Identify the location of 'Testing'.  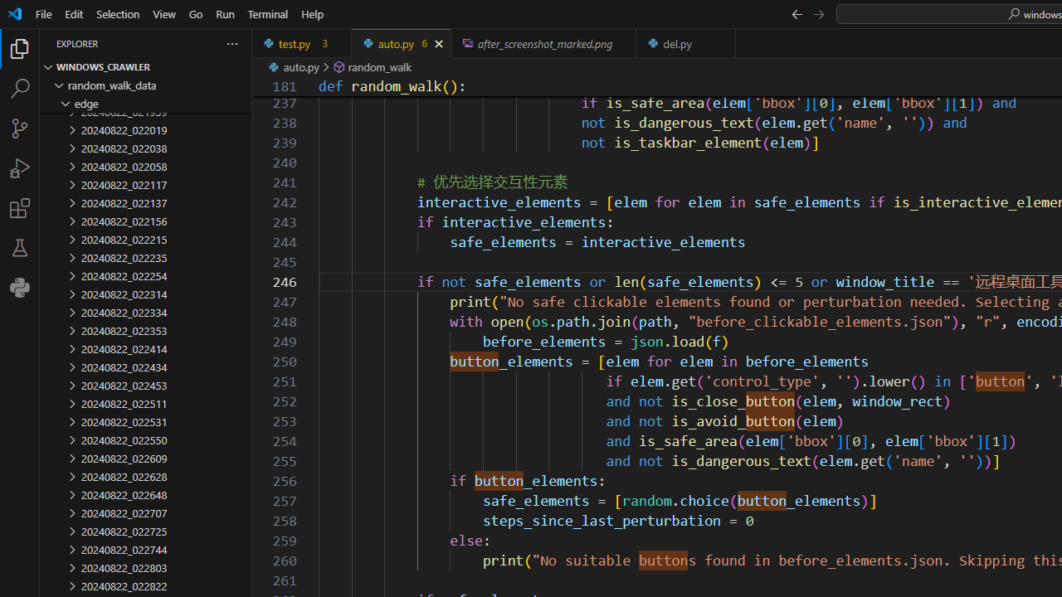
(20, 248).